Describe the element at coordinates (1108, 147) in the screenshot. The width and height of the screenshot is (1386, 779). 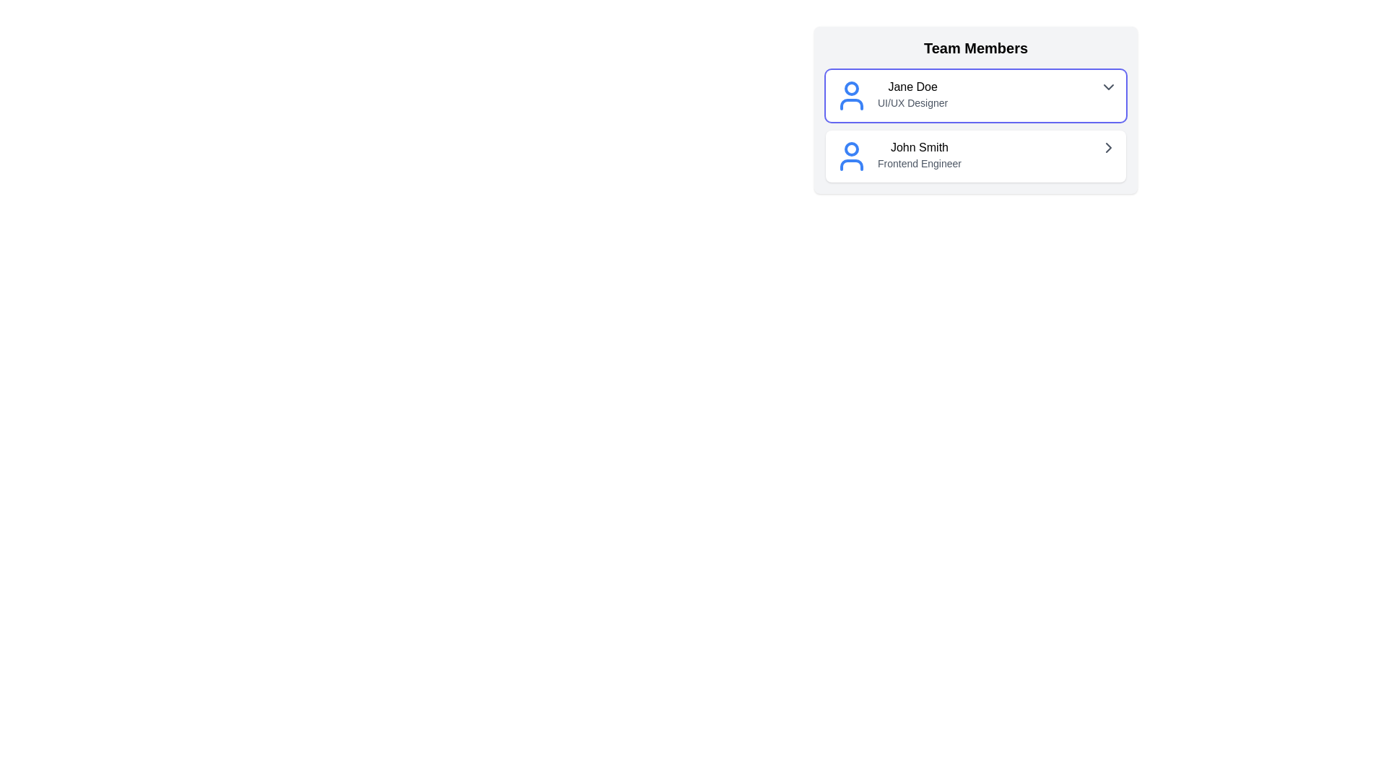
I see `the chevron icon located to the right of 'Frontend Engineer' for 'John Smith' to observe interactive feedback` at that location.